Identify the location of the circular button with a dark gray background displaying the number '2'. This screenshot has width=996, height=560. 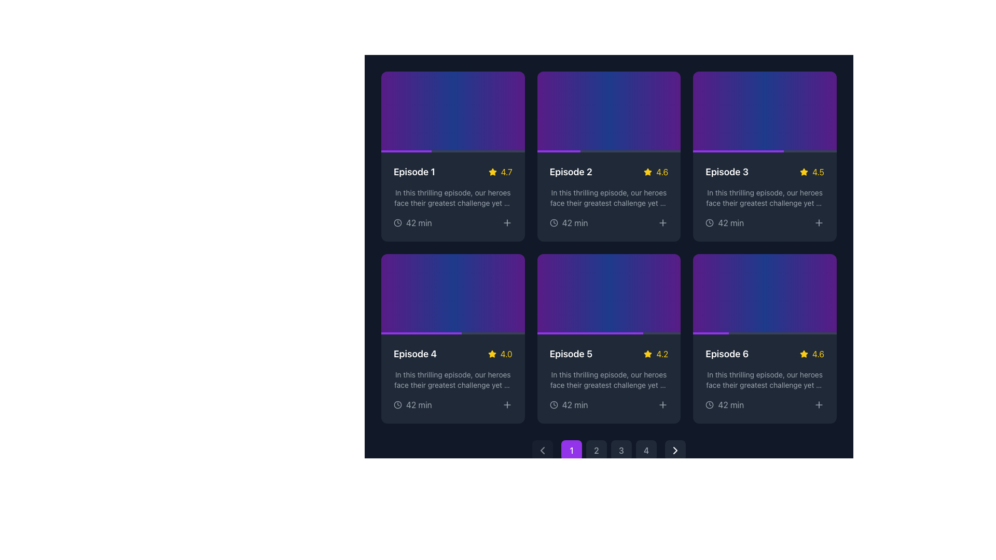
(597, 450).